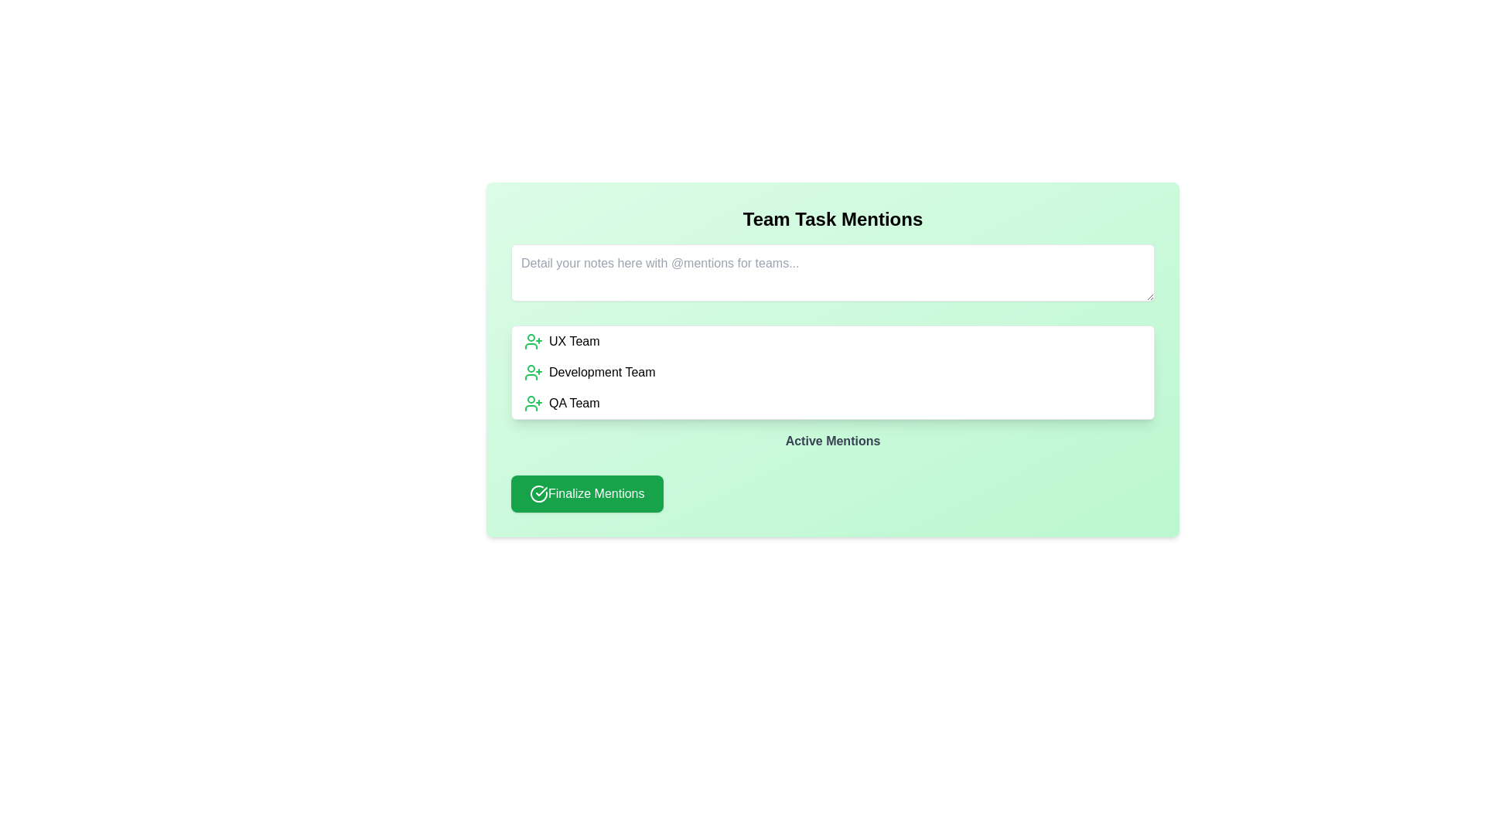  What do you see at coordinates (541, 492) in the screenshot?
I see `the green check mark icon, which is centered inside a circular green icon and located at the bottom left corner of the 'Finalize Mentions' button` at bounding box center [541, 492].